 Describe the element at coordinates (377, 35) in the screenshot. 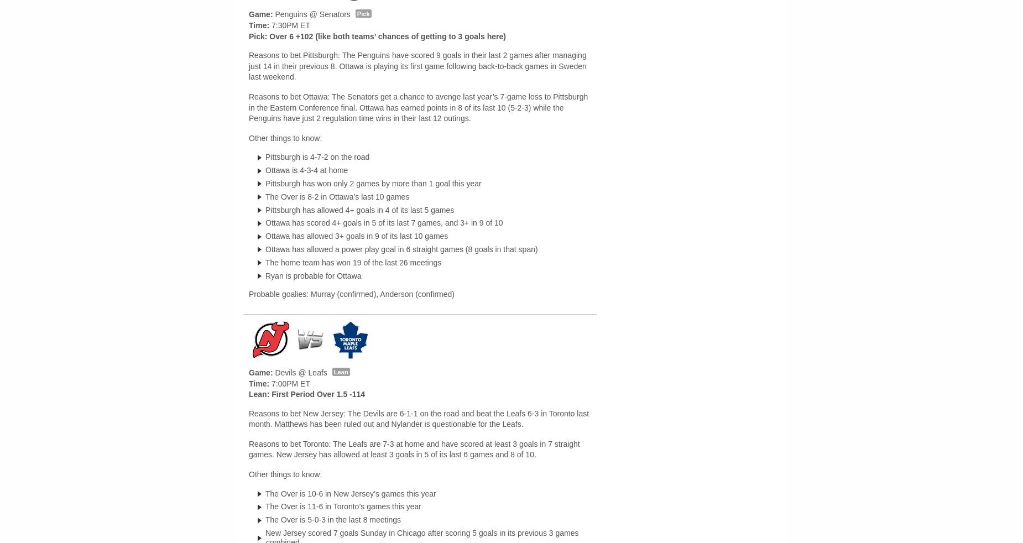

I see `'Pick: Over 6 +102 (like both teams’ chances of getting to 3 goals here)'` at that location.